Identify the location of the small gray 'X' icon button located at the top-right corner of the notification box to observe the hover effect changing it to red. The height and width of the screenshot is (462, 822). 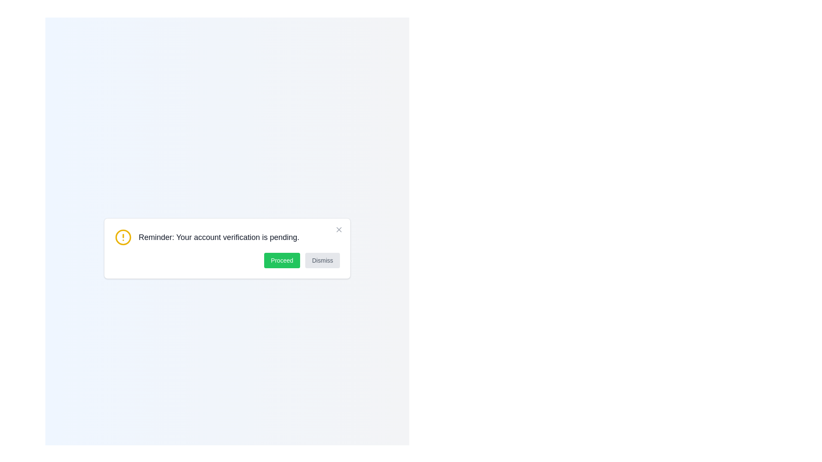
(339, 229).